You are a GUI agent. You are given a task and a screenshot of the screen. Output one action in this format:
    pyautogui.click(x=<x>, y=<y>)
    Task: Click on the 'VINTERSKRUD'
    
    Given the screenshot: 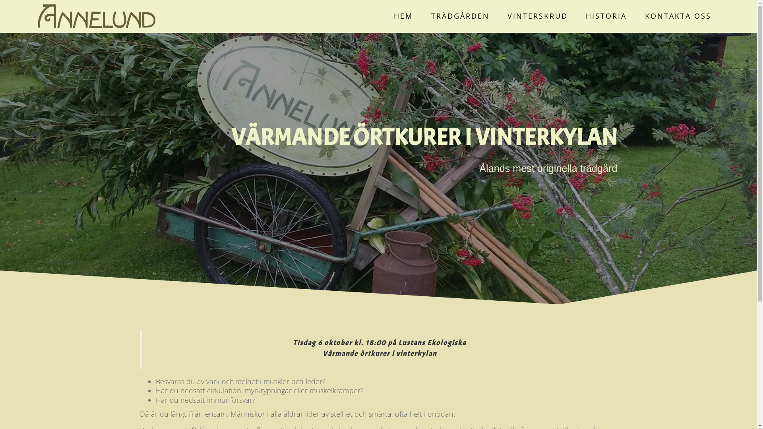 What is the action you would take?
    pyautogui.click(x=538, y=16)
    